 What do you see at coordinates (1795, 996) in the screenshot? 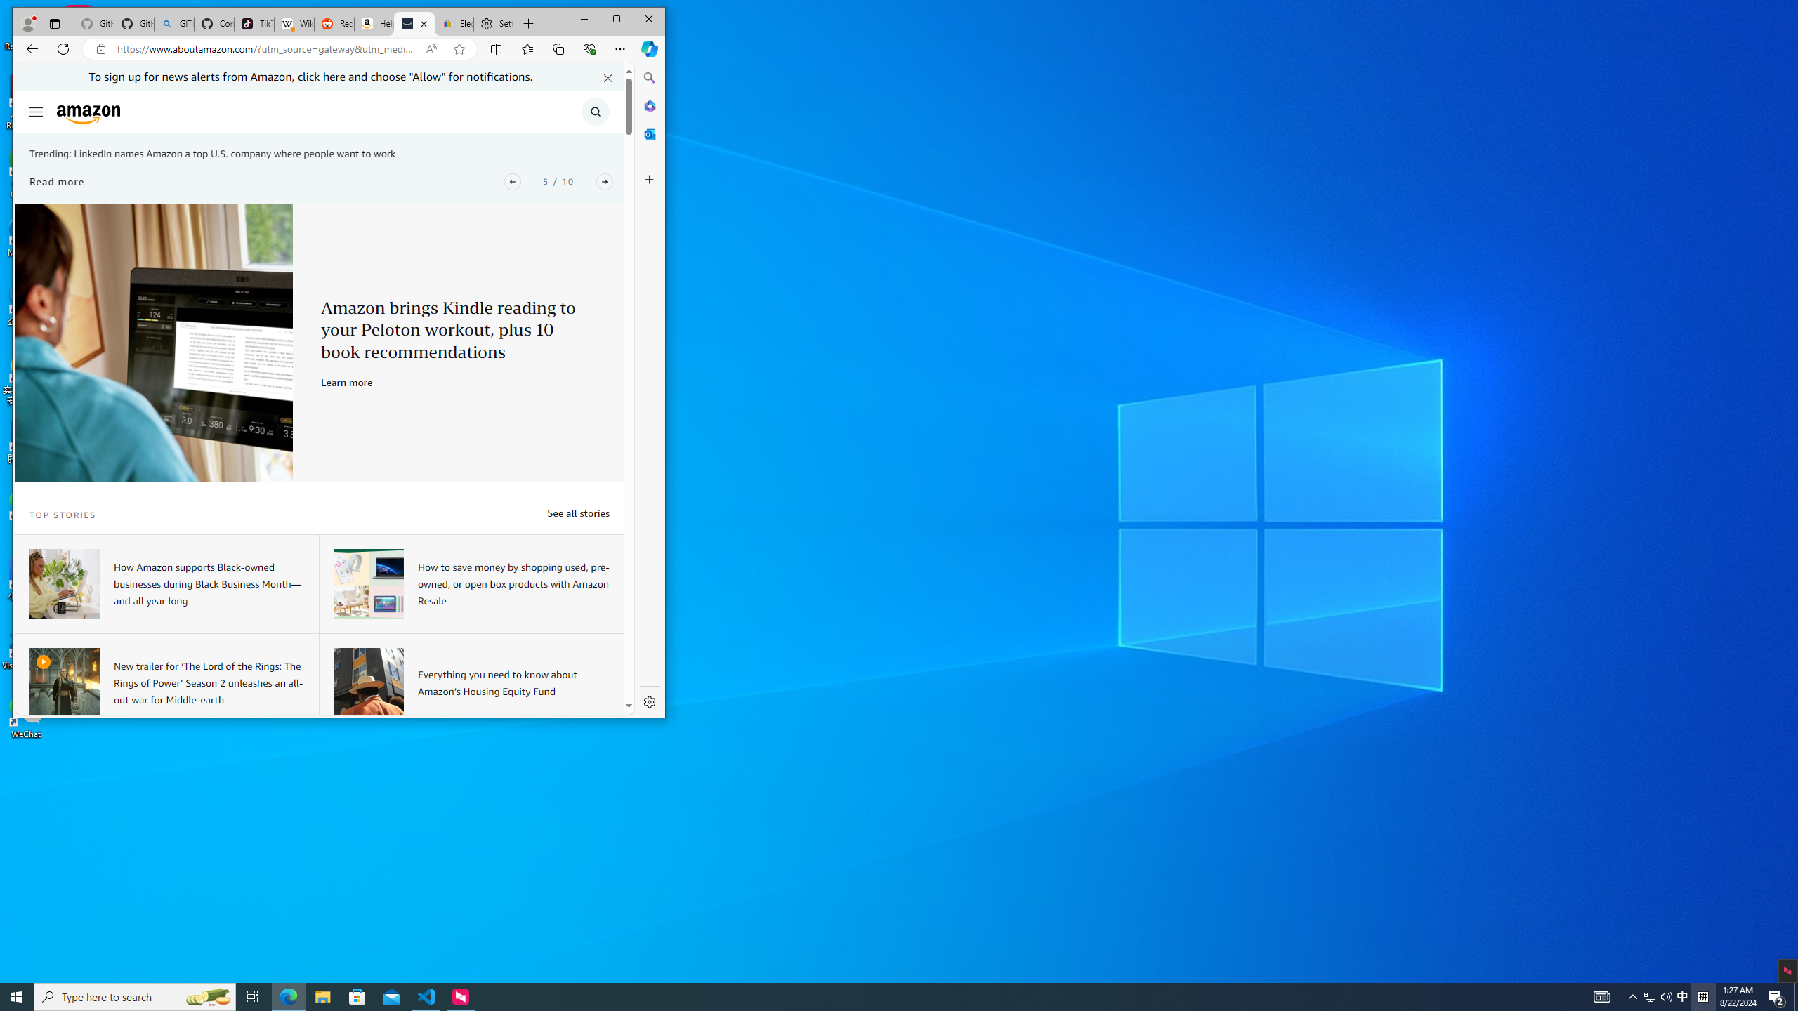
I see `'Show desktop'` at bounding box center [1795, 996].